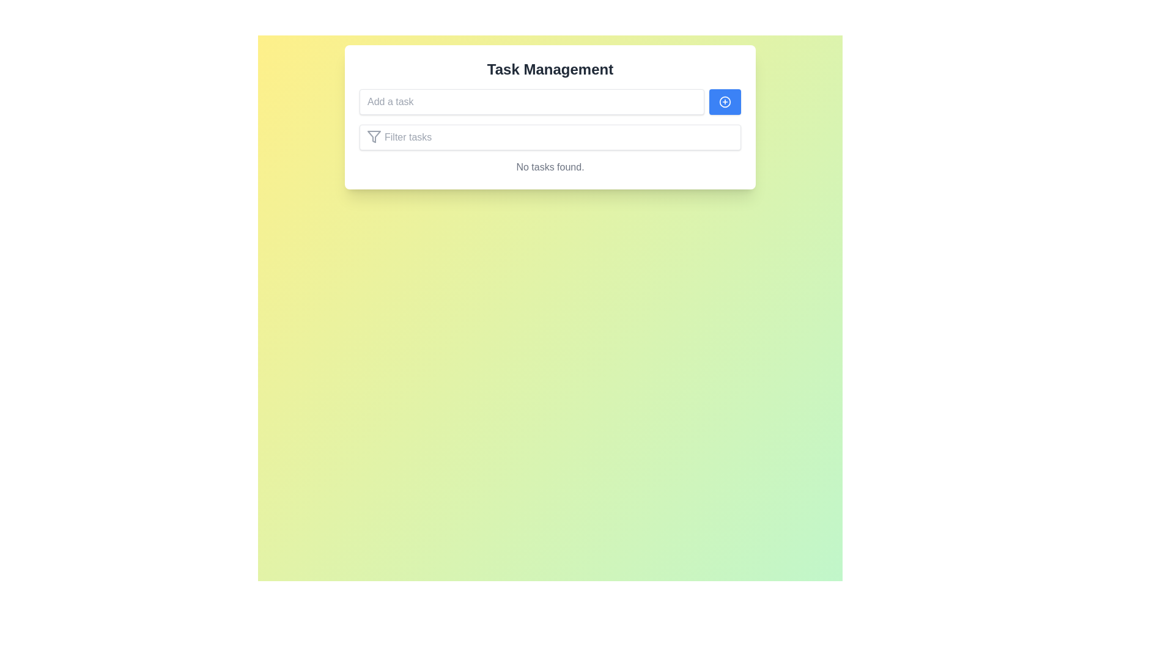 The height and width of the screenshot is (660, 1174). Describe the element at coordinates (373, 136) in the screenshot. I see `the filtering icon located near the left side of the 'Filter tasks' button, which serves a symbolic purpose for filtering functionality` at that location.